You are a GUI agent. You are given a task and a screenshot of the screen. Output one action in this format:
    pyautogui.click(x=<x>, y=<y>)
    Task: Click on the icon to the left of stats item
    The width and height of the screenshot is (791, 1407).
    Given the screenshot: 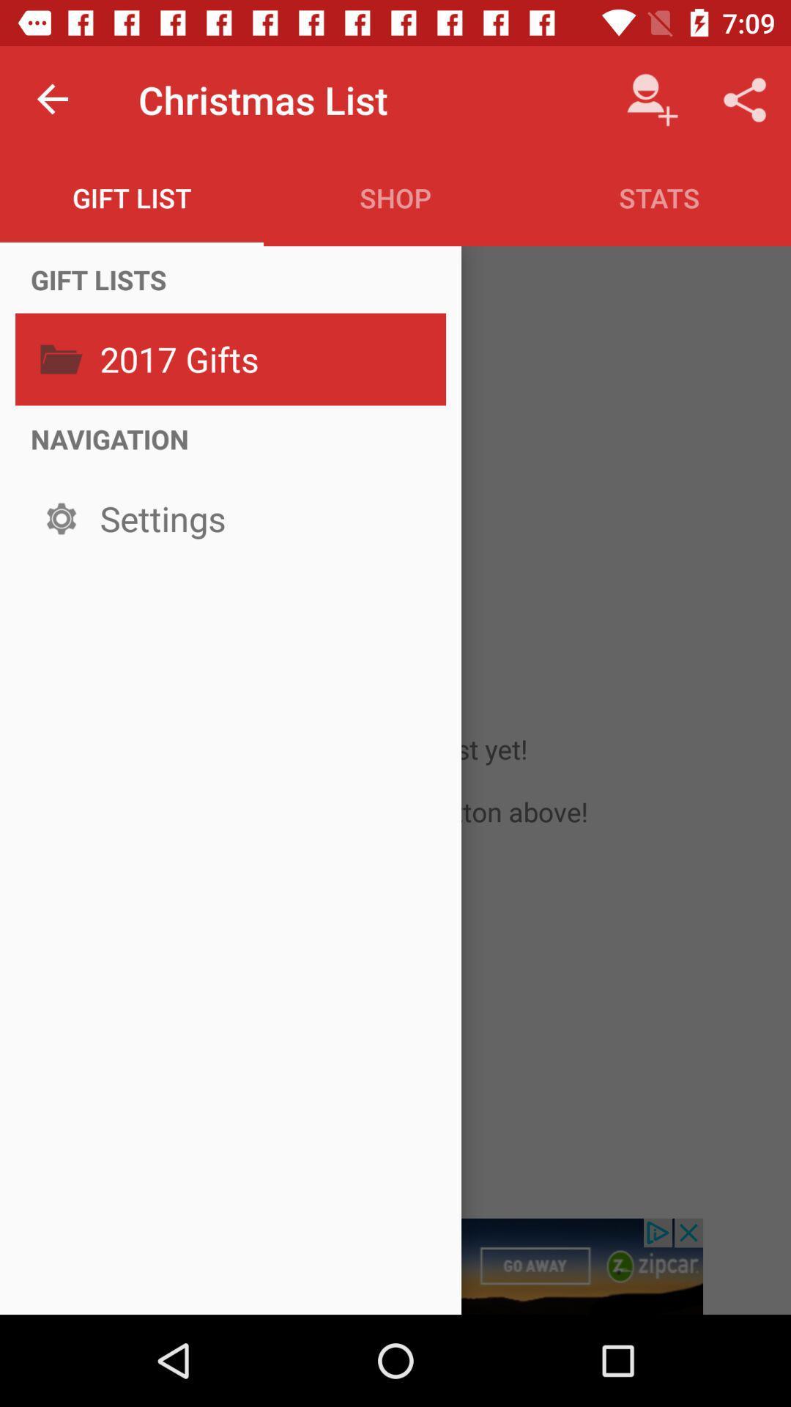 What is the action you would take?
    pyautogui.click(x=395, y=197)
    